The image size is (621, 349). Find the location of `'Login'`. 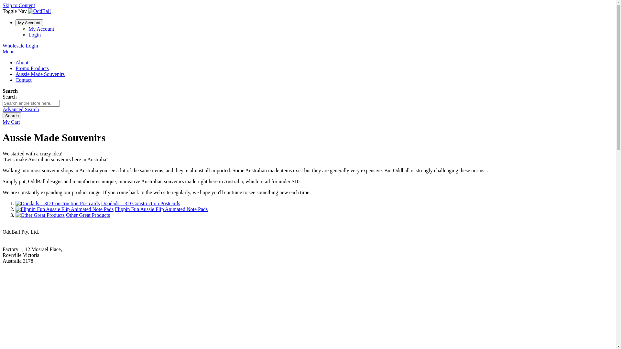

'Login' is located at coordinates (34, 35).